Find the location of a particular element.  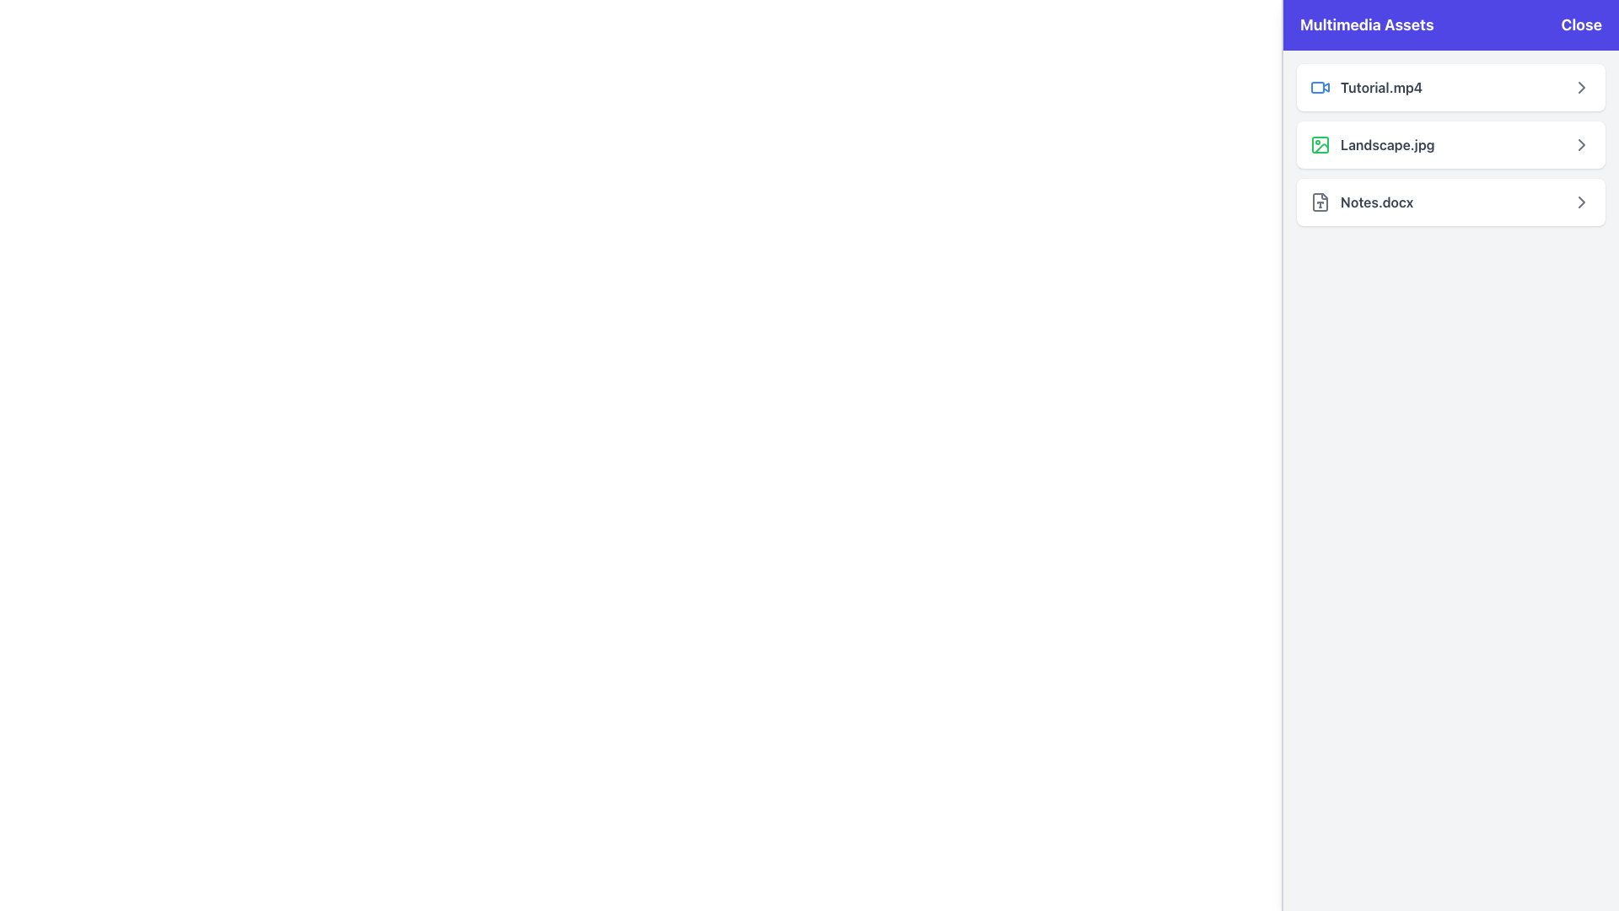

the text displaying the name of the file in the 'Multimedia Assets' section, which is the third item in the list is located at coordinates (1377, 201).